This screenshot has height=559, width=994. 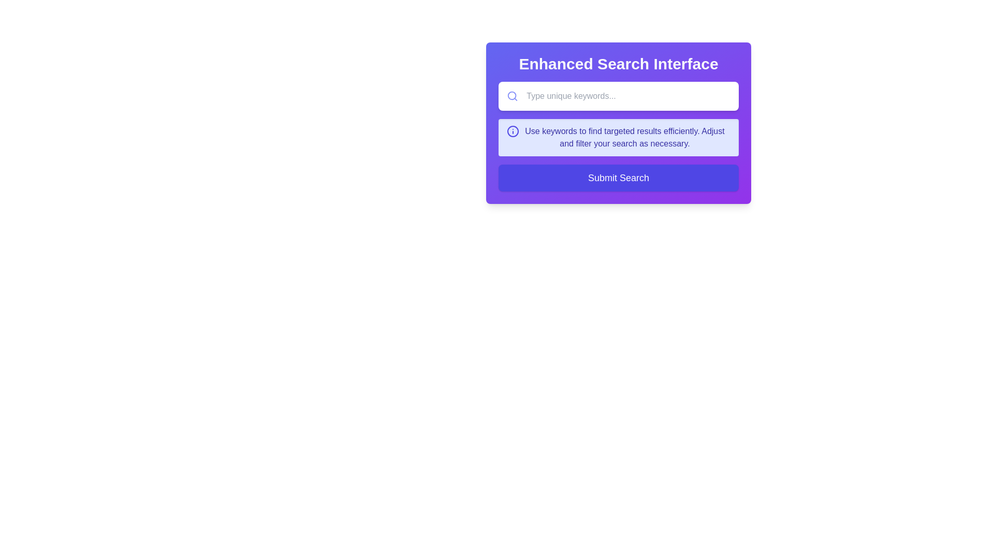 I want to click on the search icon located to the left of the text input field with the placeholder text 'Type unique keywords...', so click(x=513, y=96).